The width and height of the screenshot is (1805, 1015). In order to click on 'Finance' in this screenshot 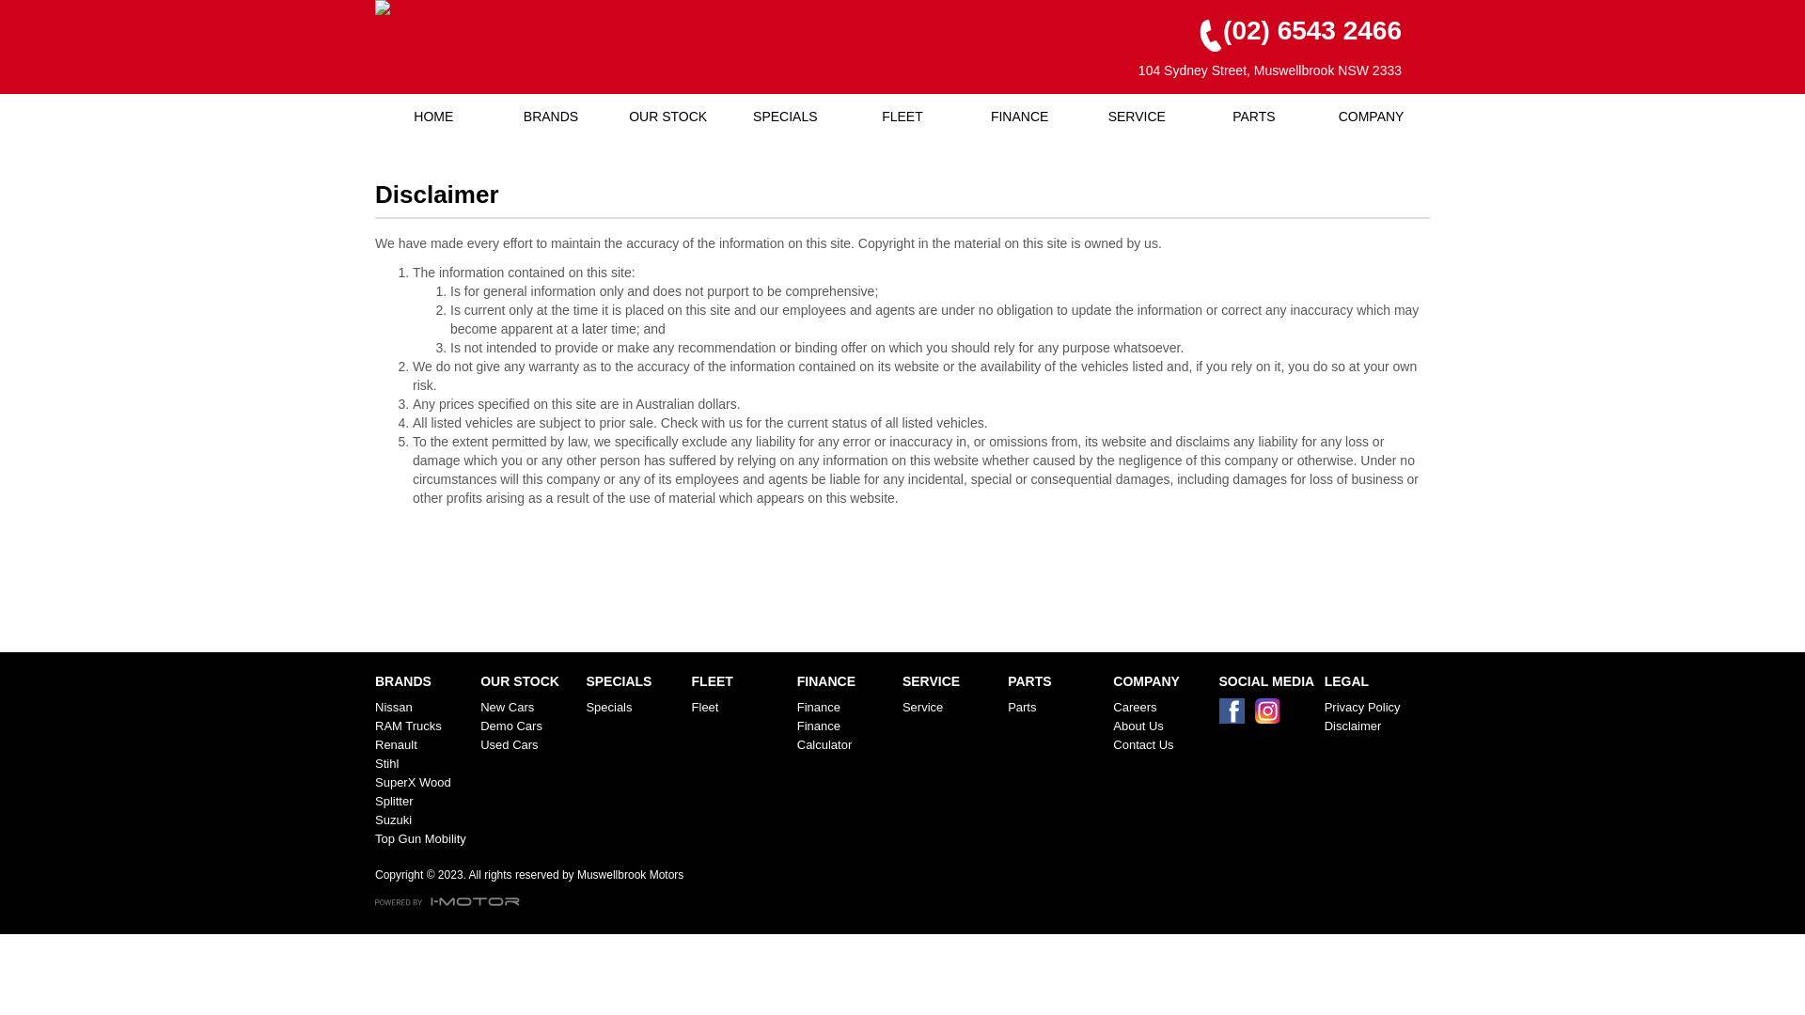, I will do `click(845, 707)`.